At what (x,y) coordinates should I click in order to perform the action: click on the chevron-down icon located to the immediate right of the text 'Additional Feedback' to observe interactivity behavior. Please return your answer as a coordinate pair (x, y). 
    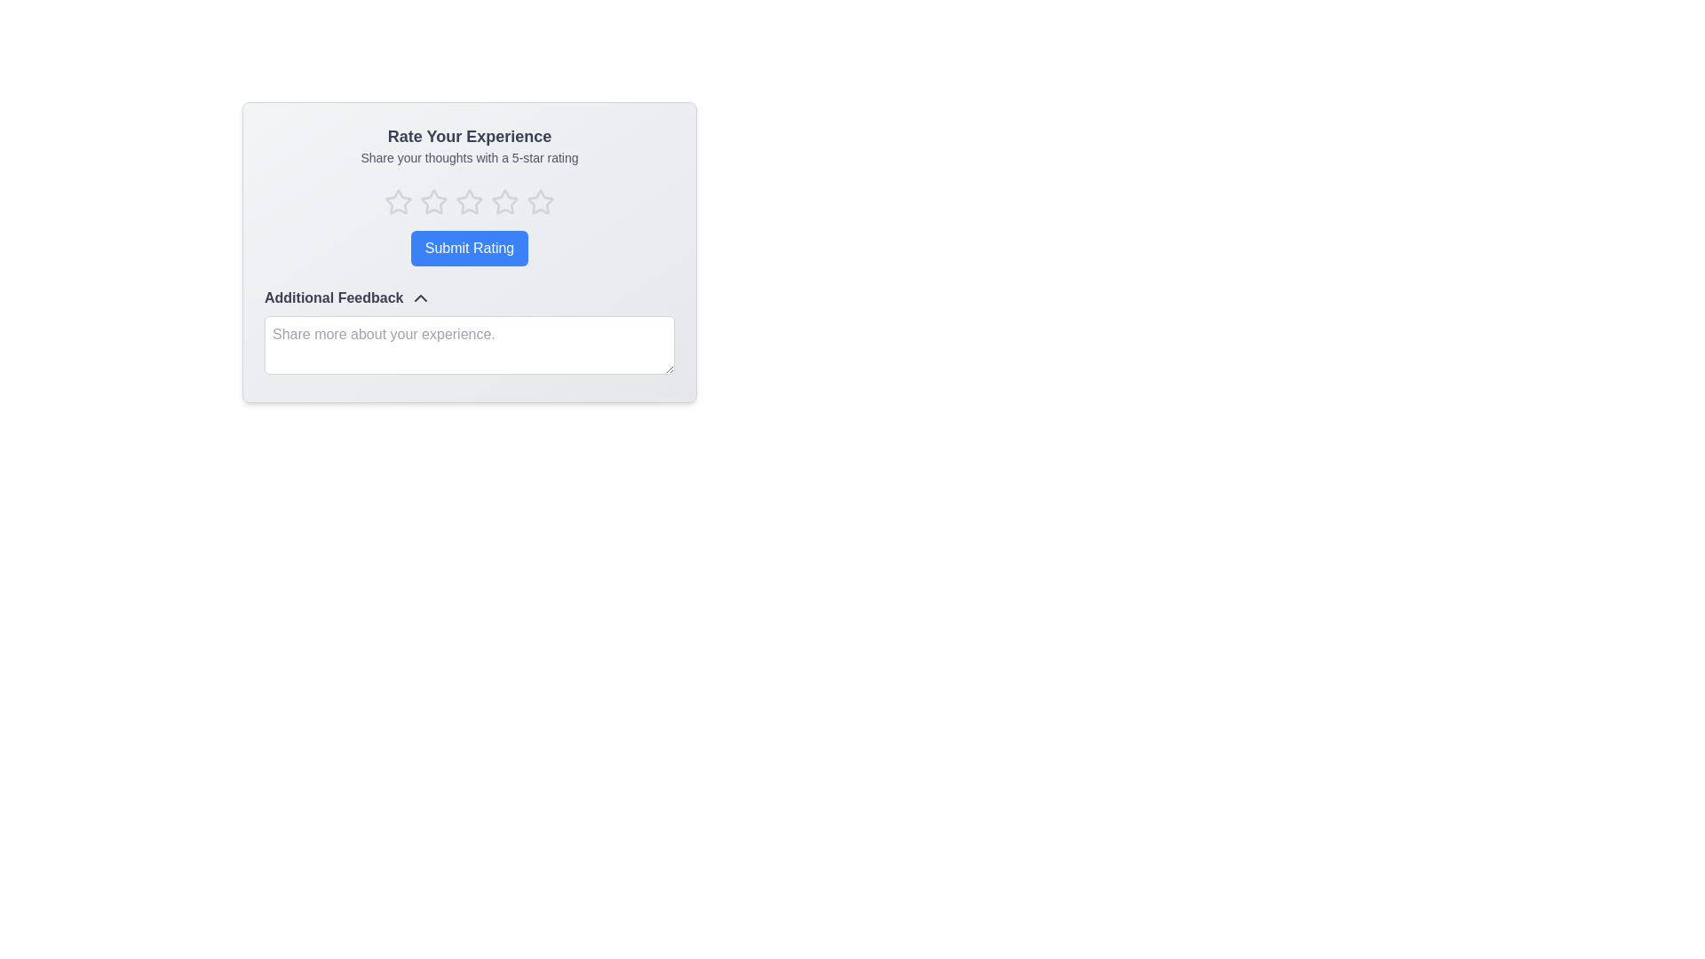
    Looking at the image, I should click on (420, 297).